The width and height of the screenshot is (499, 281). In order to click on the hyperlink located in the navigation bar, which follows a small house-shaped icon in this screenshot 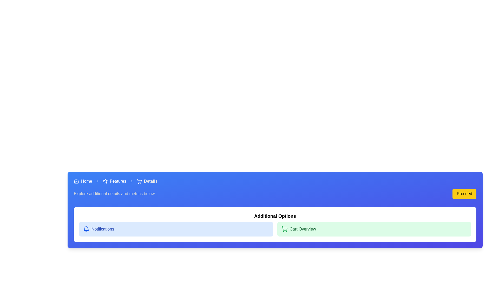, I will do `click(87, 181)`.